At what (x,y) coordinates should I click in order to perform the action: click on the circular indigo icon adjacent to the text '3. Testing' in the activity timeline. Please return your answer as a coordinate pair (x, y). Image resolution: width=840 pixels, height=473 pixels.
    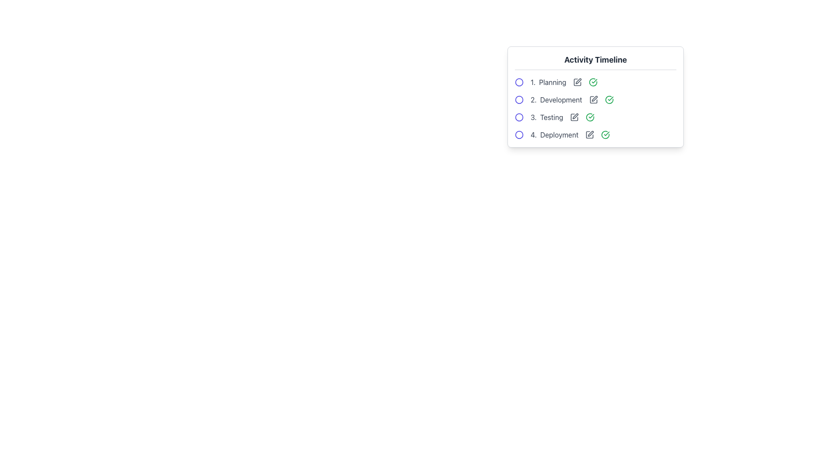
    Looking at the image, I should click on (519, 116).